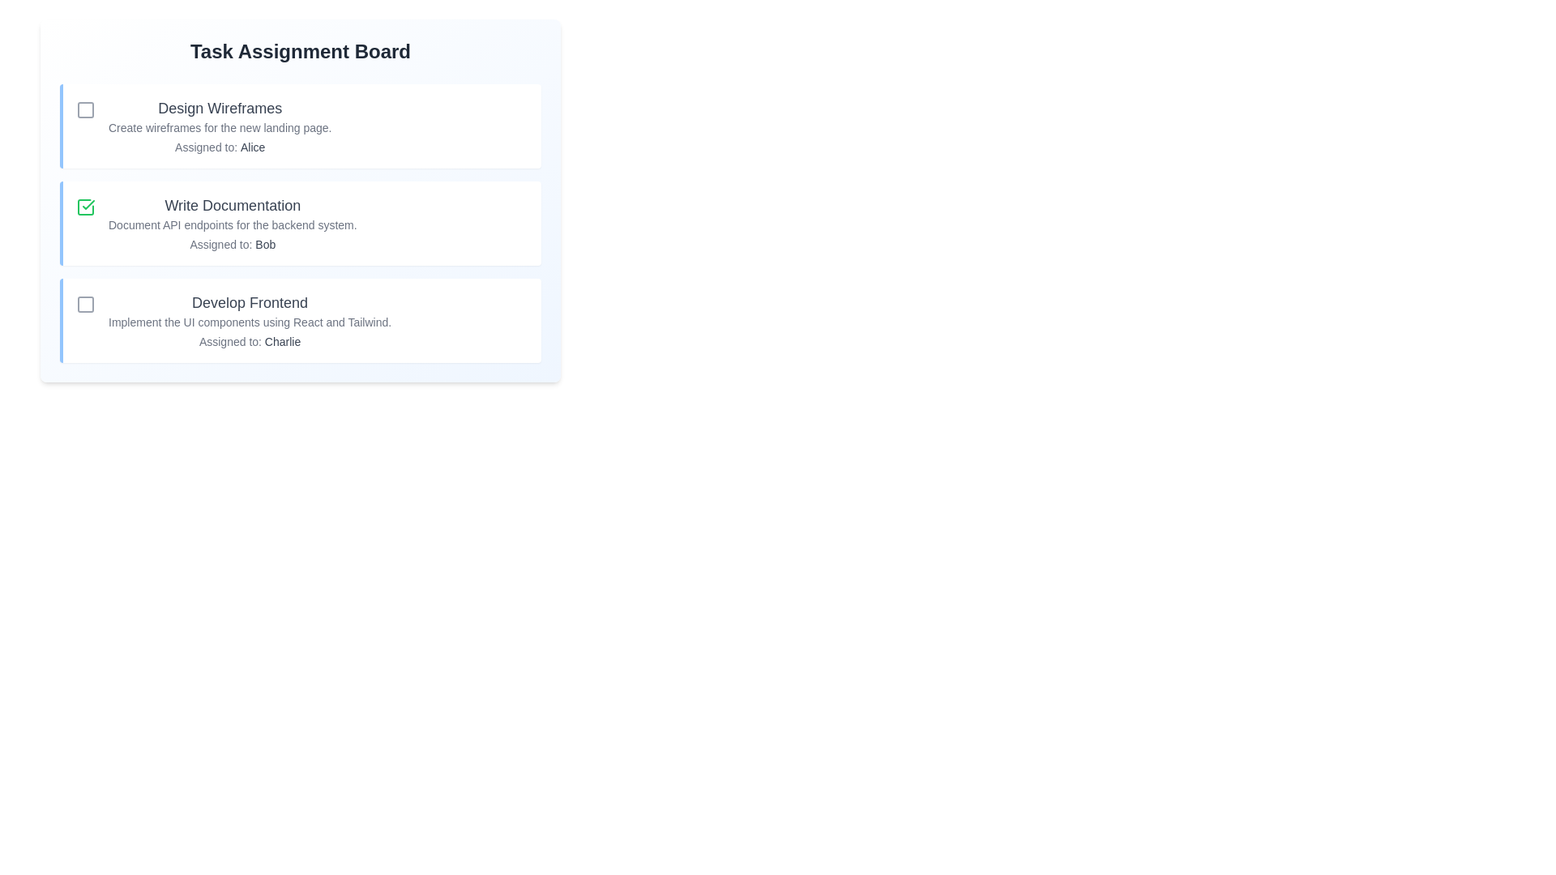 The height and width of the screenshot is (875, 1556). Describe the element at coordinates (300, 51) in the screenshot. I see `text from the prominently styled text header that says 'Task Assignment Board', which is centered at the top of the interface` at that location.